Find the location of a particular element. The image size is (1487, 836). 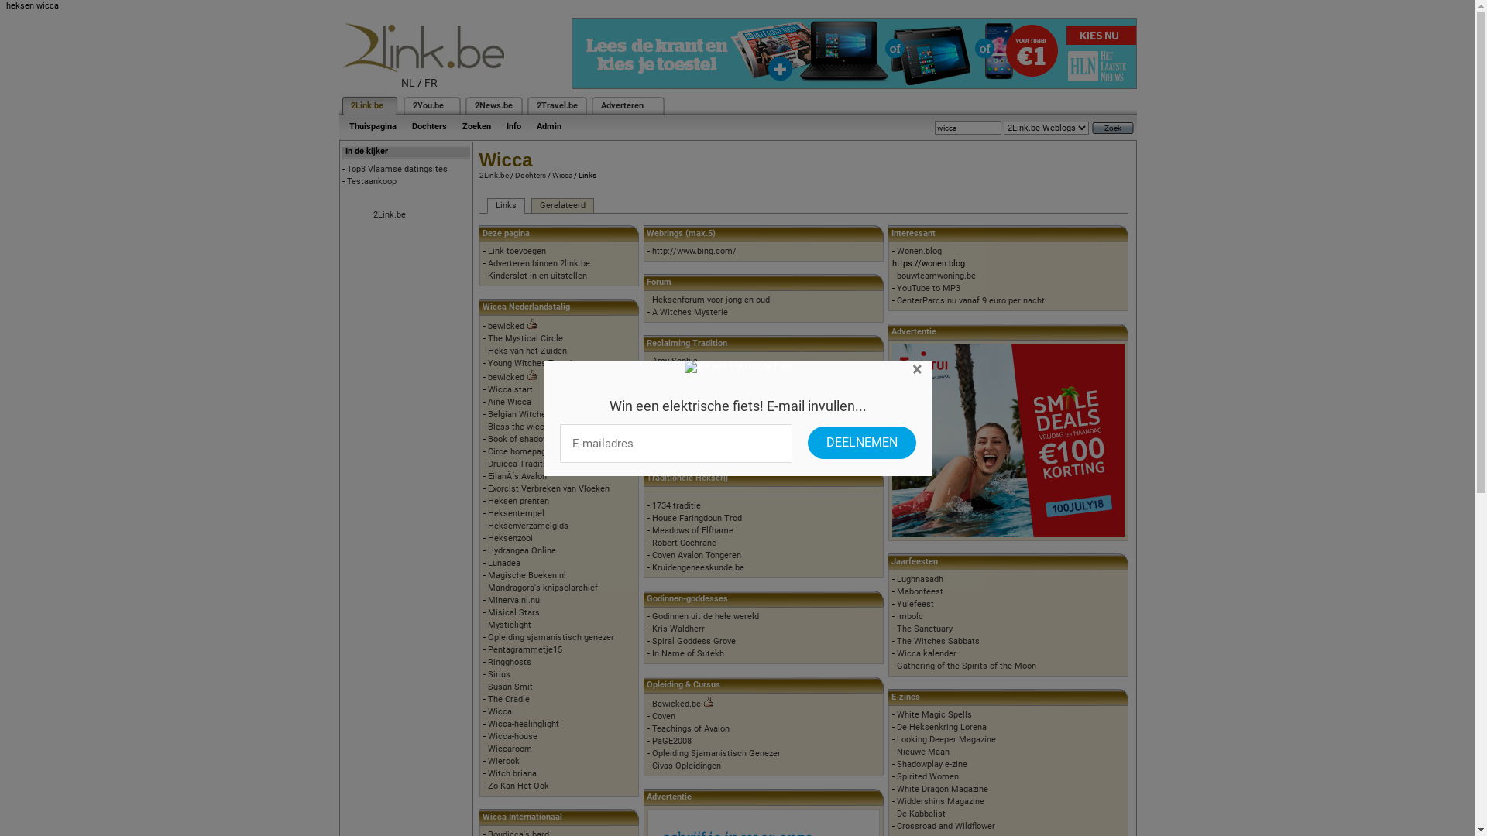

'Meadows of Elfhame' is located at coordinates (651, 529).